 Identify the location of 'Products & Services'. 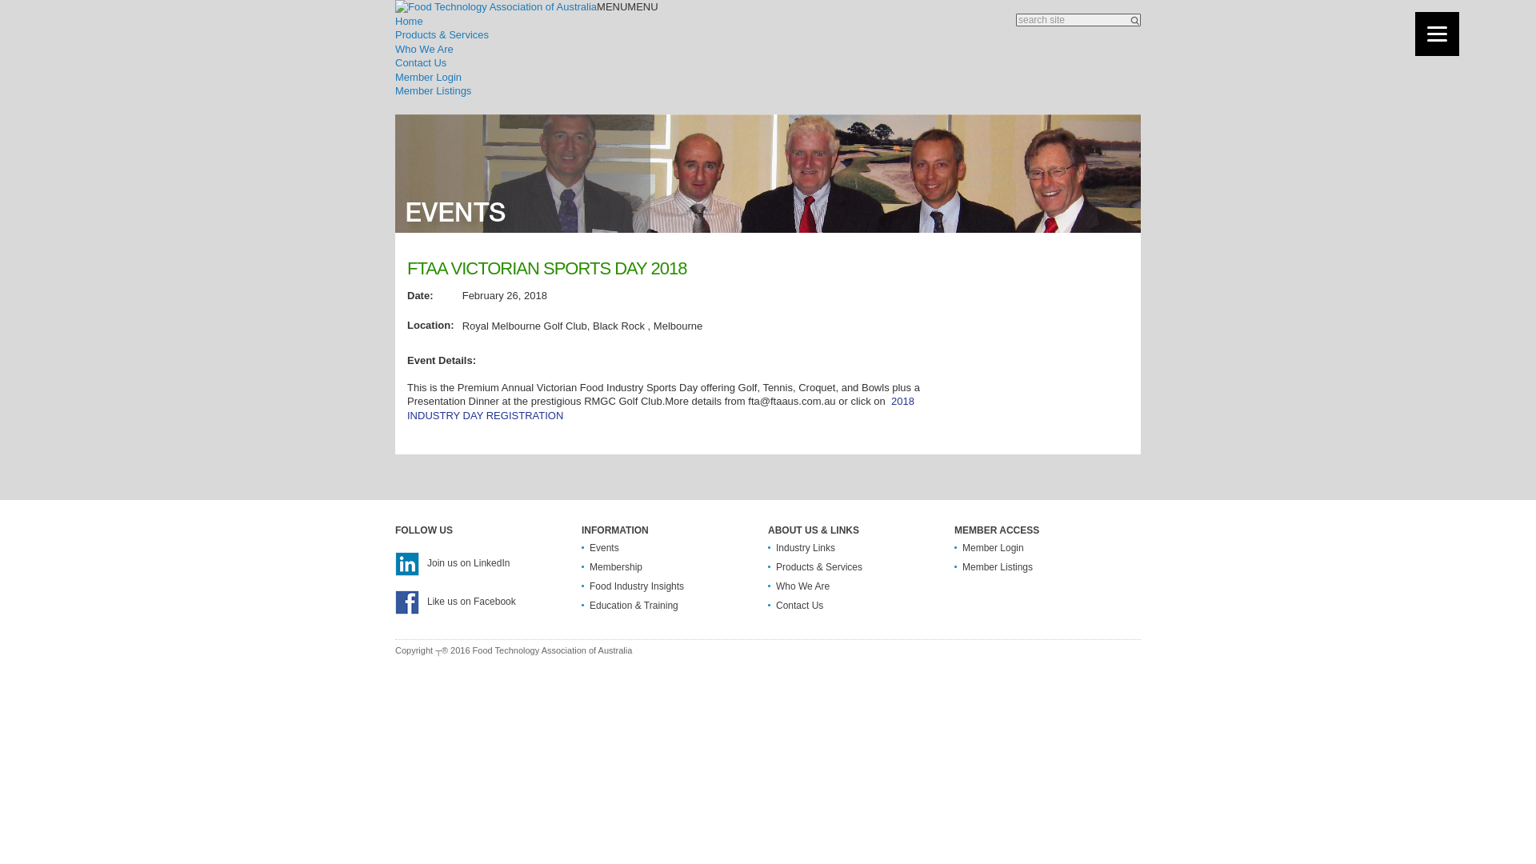
(442, 34).